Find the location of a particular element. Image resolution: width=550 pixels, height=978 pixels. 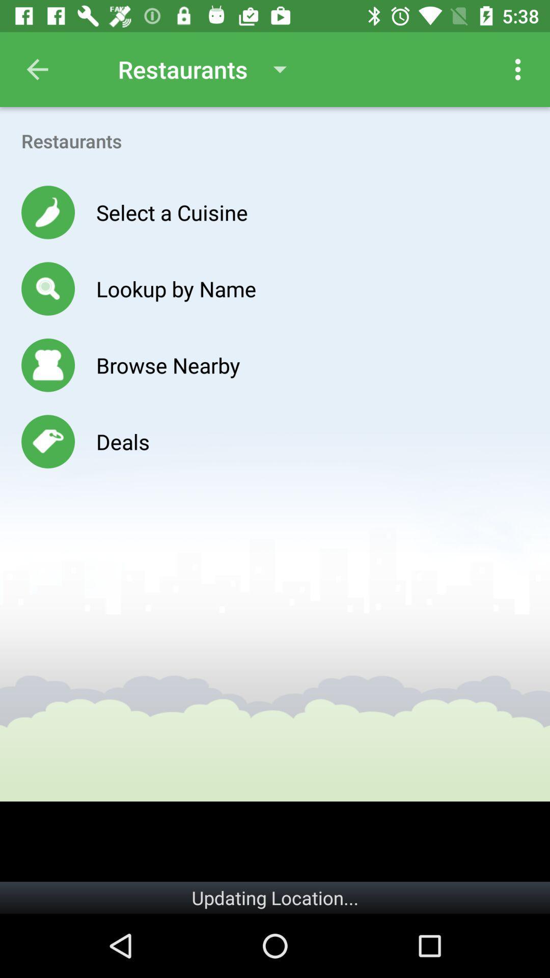

the item below restaurants item is located at coordinates (171, 212).